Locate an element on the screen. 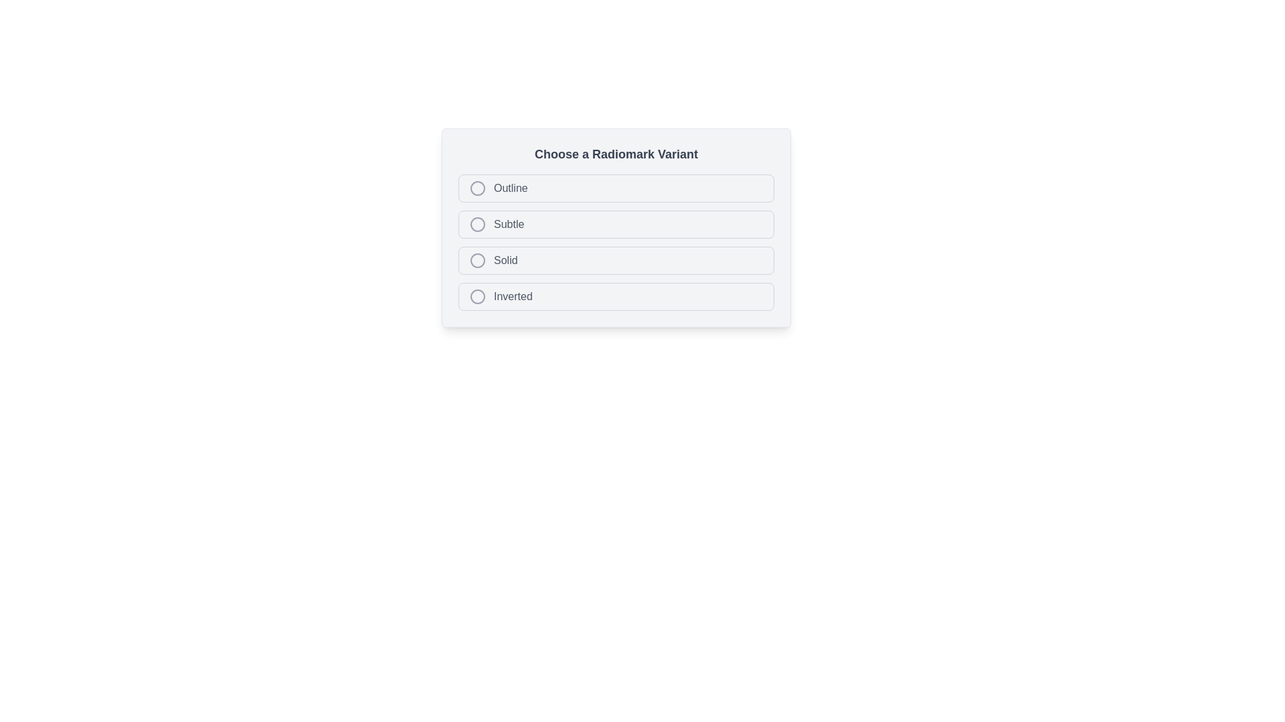 Image resolution: width=1285 pixels, height=722 pixels. the Radio Button Indicator for the 'Outline' option in the 'Choose a Radiomark Variant' selection component is located at coordinates (478, 188).